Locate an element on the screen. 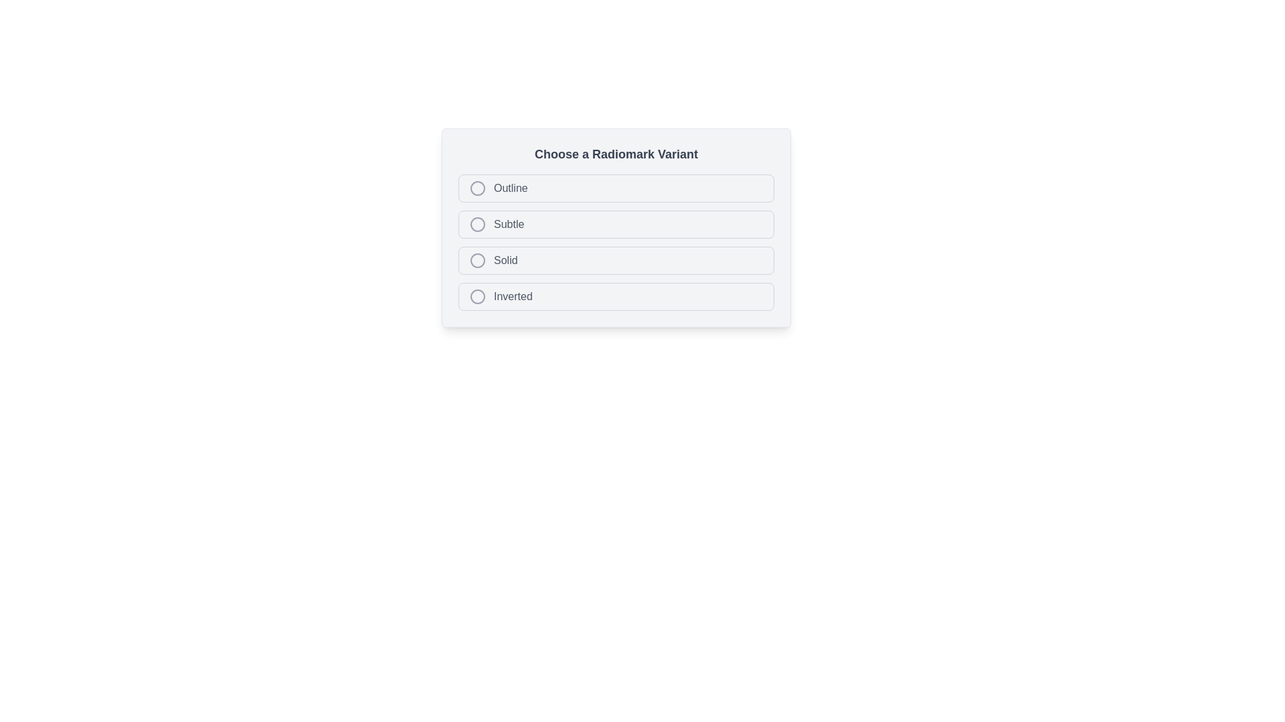 Image resolution: width=1285 pixels, height=722 pixels. the Radio Button Indicator for the 'Outline' option in the 'Choose a Radiomark Variant' selection component is located at coordinates (478, 188).